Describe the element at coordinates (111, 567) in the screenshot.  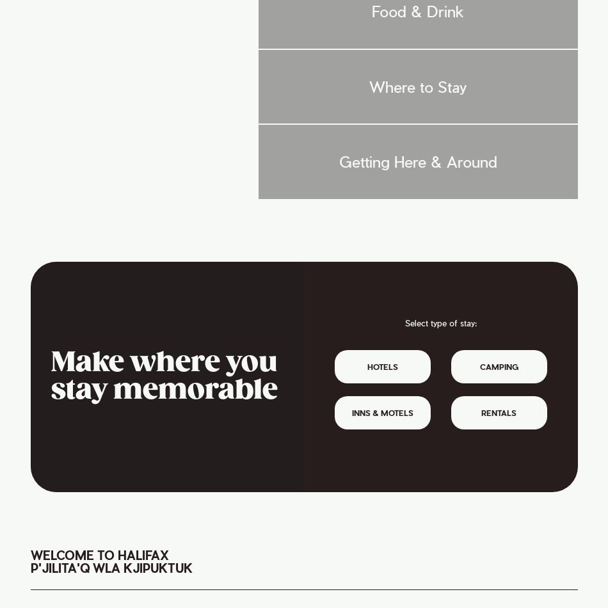
I see `'P'jilita'q wla Kjipuktuk'` at that location.